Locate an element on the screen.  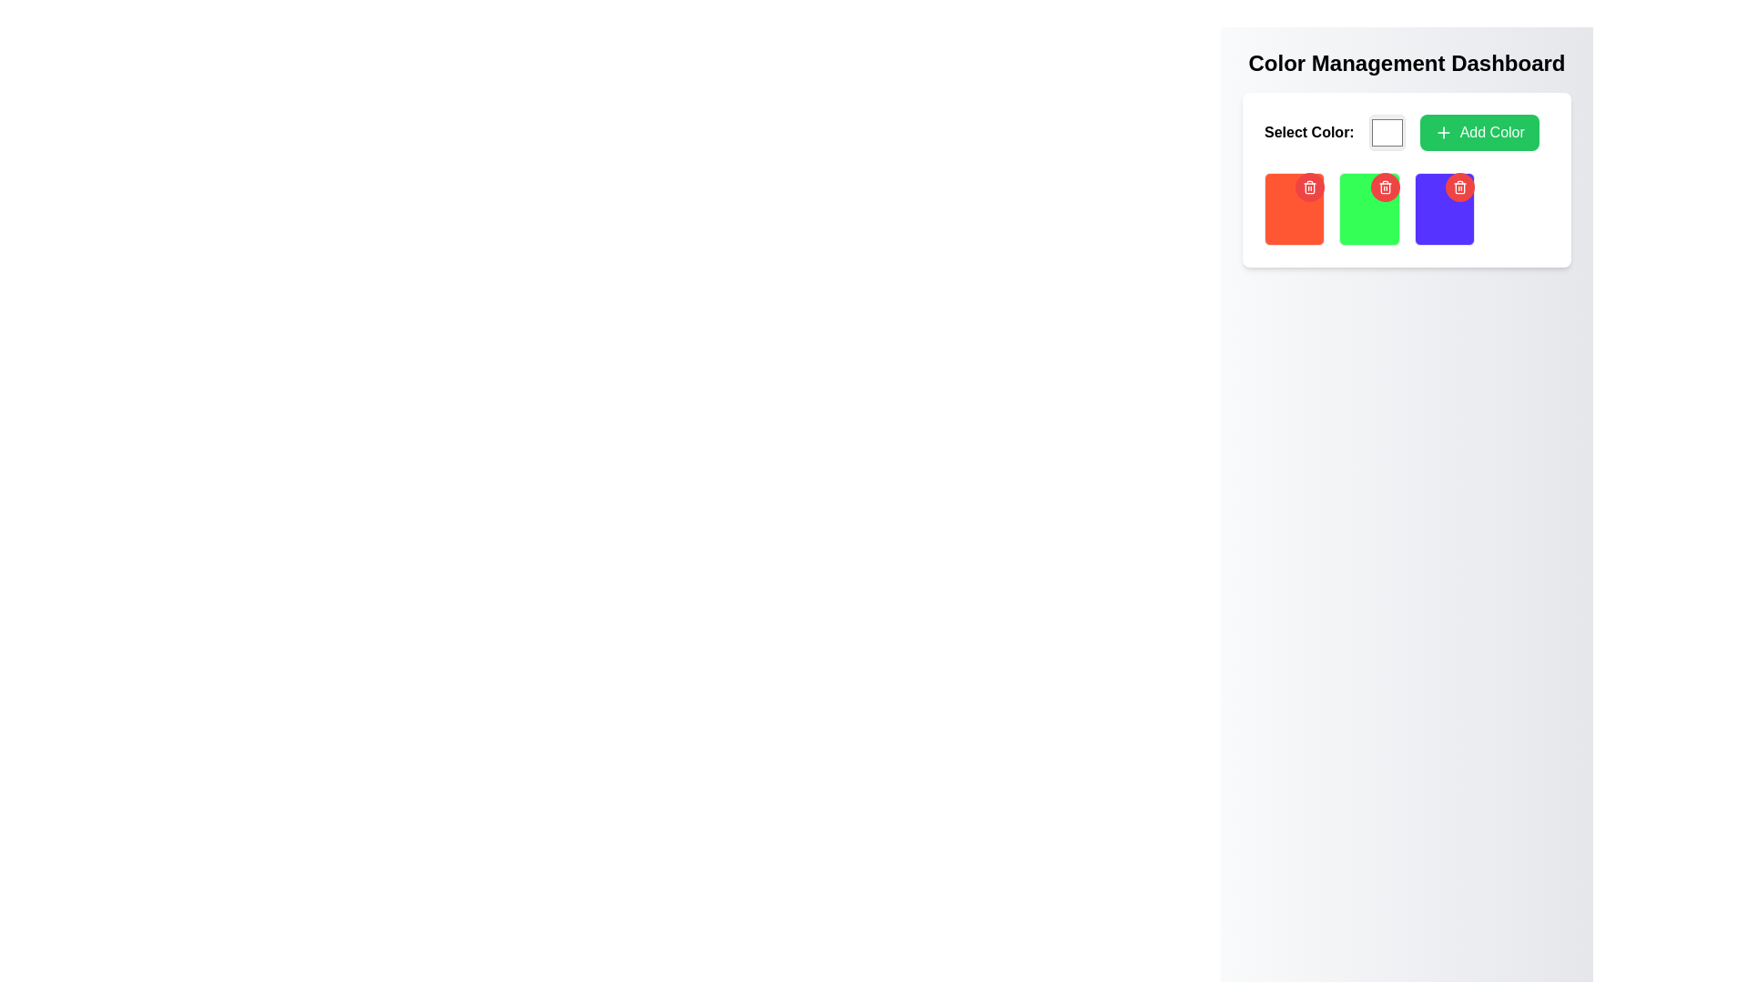
the 'Add Color' button in the Interactive color picker section located beneath the 'Color Management Dashboard' title is located at coordinates (1406, 132).